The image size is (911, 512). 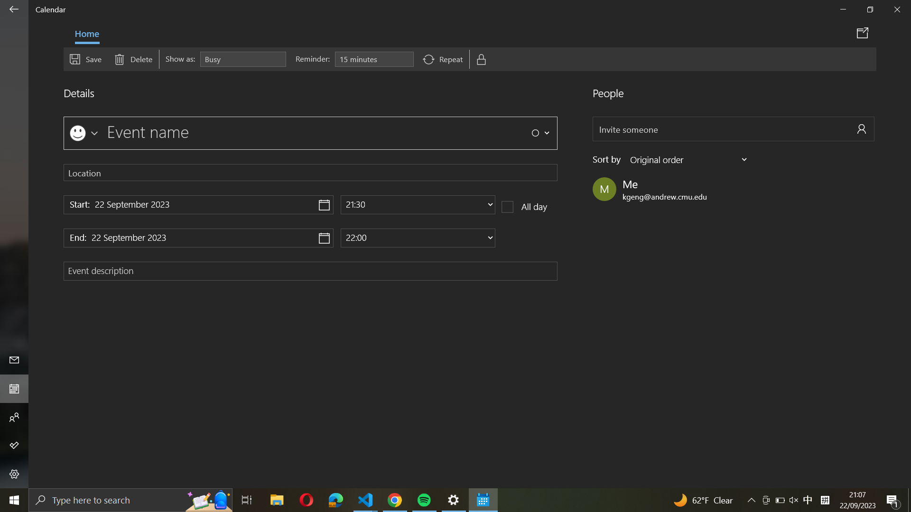 What do you see at coordinates (373, 59) in the screenshot?
I see `the settings for "Event reminder"` at bounding box center [373, 59].